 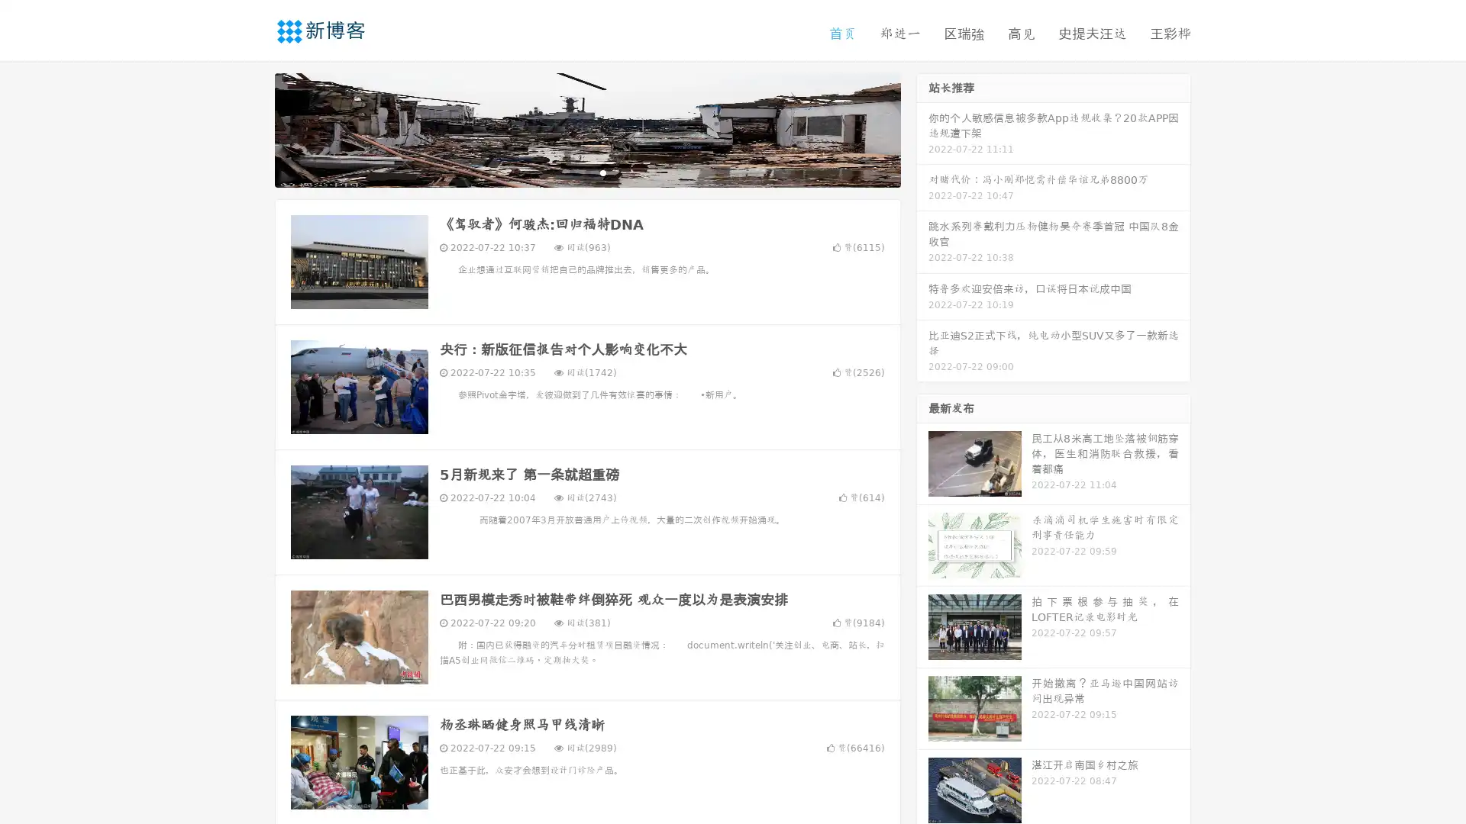 What do you see at coordinates (922, 128) in the screenshot?
I see `Next slide` at bounding box center [922, 128].